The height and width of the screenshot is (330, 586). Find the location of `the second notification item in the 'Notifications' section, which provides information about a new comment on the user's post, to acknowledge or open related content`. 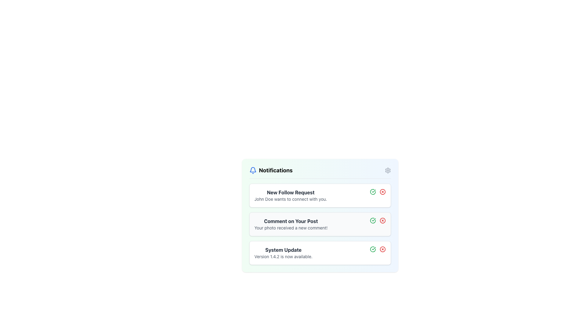

the second notification item in the 'Notifications' section, which provides information about a new comment on the user's post, to acknowledge or open related content is located at coordinates (291, 224).